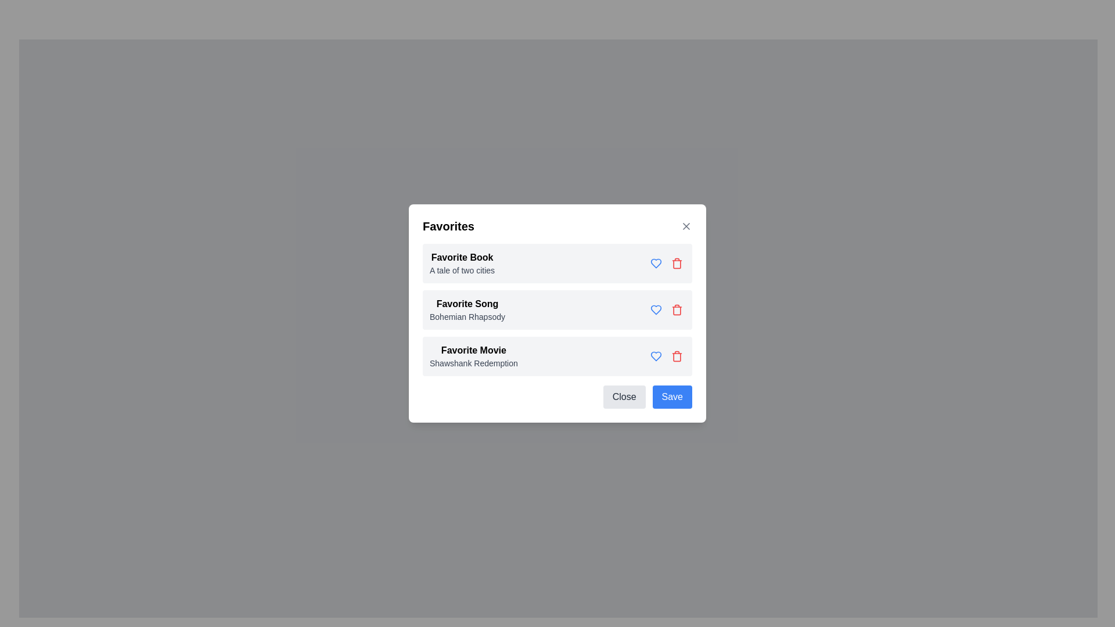 This screenshot has height=627, width=1115. I want to click on the delete icon resembling a trash bin, located in the 'Favorites' section next to 'Favorite Movie: Shawshank Redemption', so click(677, 355).